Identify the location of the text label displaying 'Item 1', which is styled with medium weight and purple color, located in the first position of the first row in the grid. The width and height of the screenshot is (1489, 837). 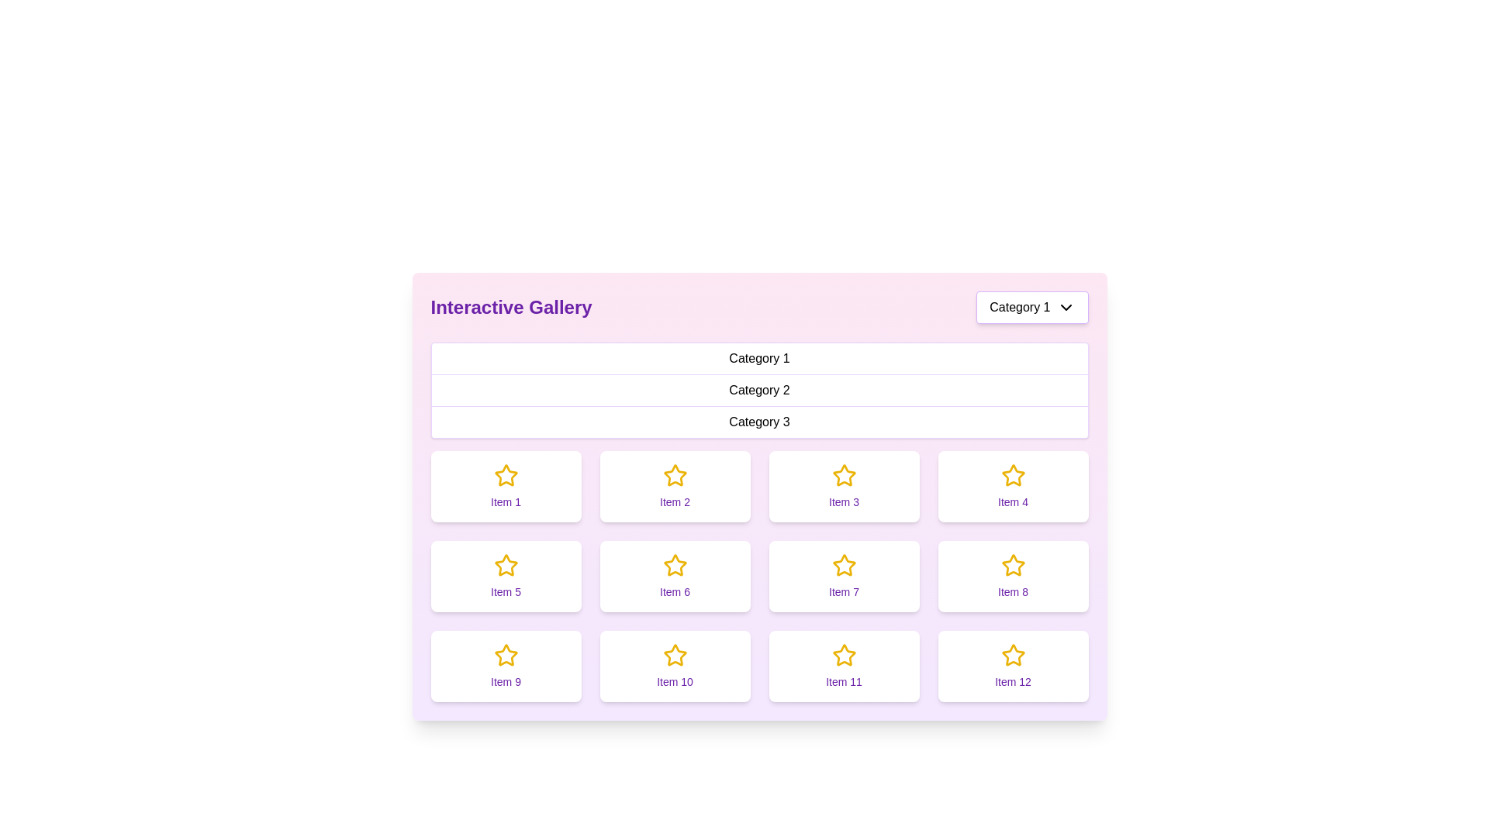
(506, 502).